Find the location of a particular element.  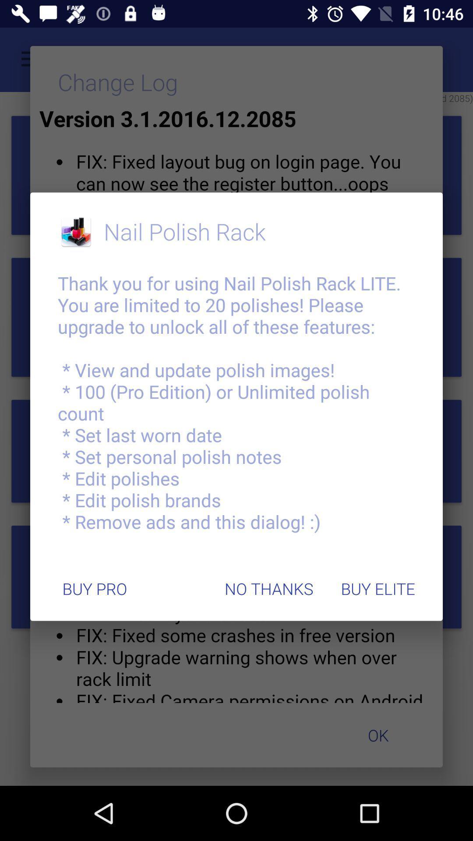

icon at the bottom is located at coordinates (268, 589).